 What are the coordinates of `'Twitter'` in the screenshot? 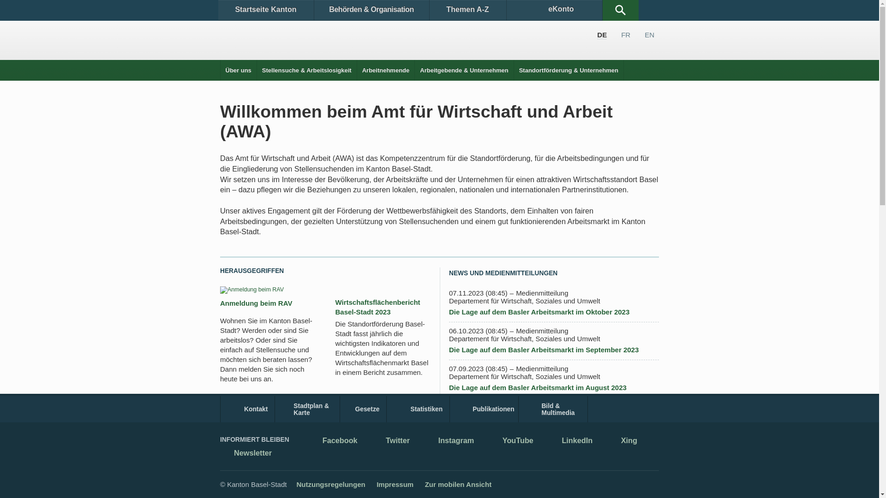 It's located at (390, 440).